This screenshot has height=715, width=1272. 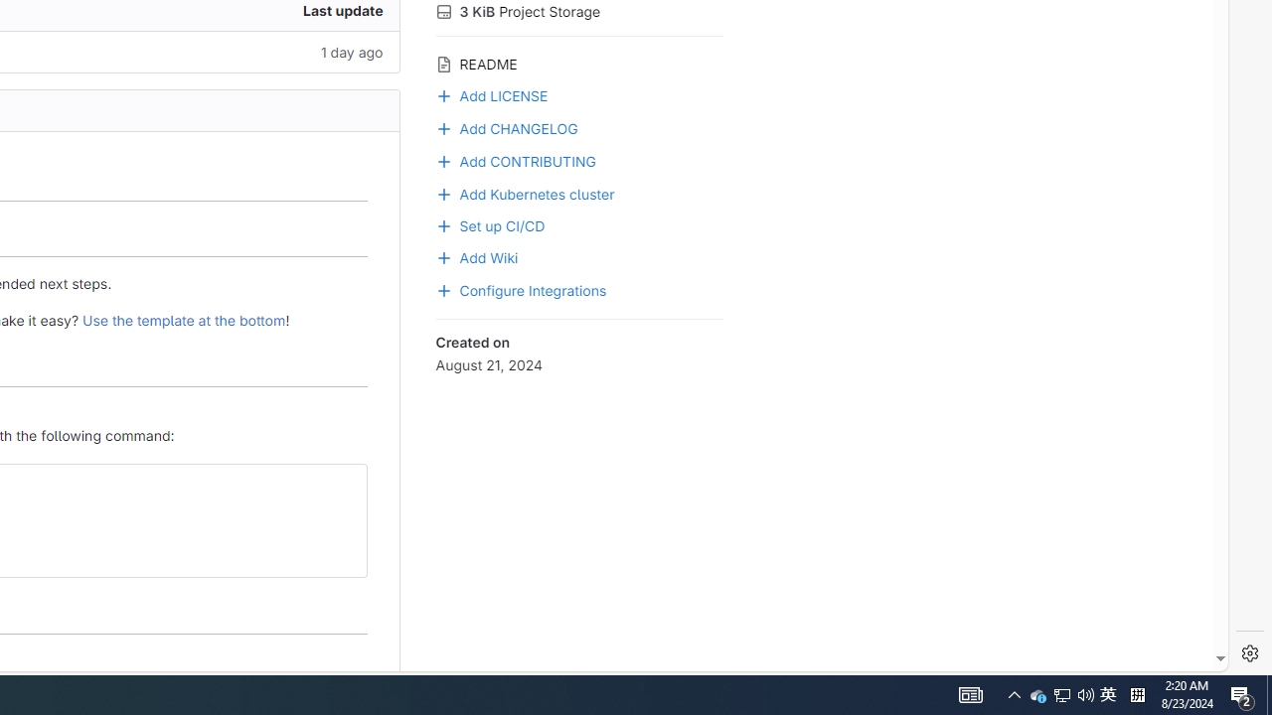 What do you see at coordinates (578, 193) in the screenshot?
I see `'Add Kubernetes cluster'` at bounding box center [578, 193].